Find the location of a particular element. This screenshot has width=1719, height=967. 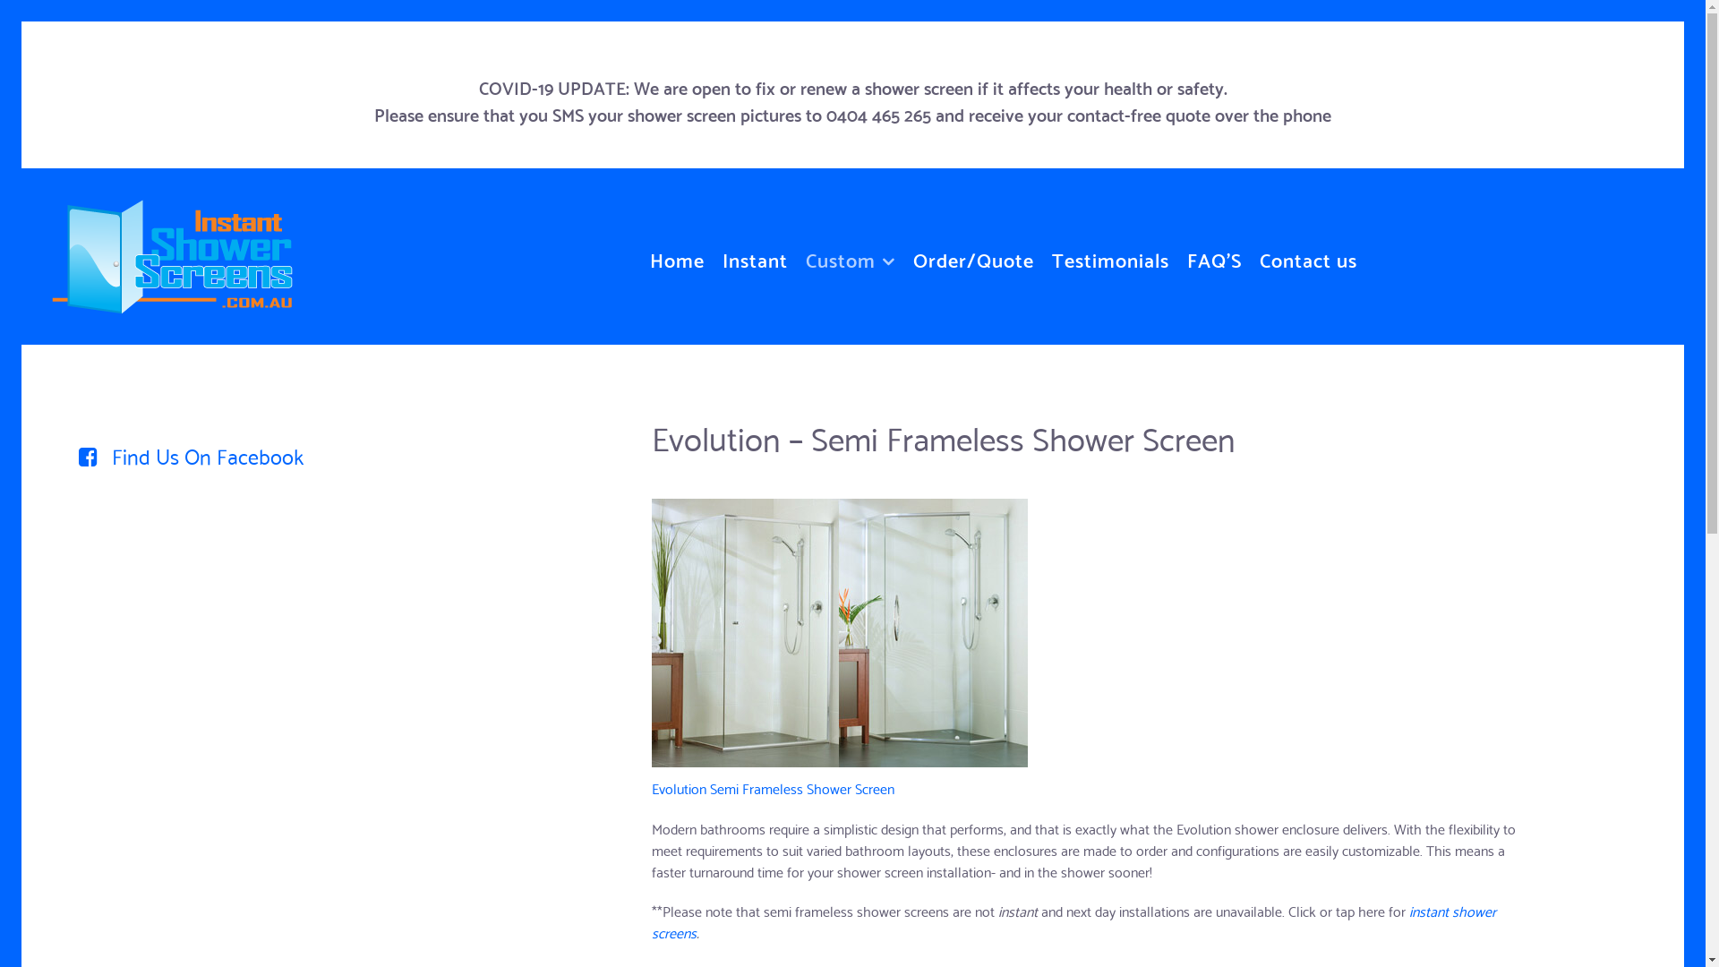

'Home' is located at coordinates (676, 255).